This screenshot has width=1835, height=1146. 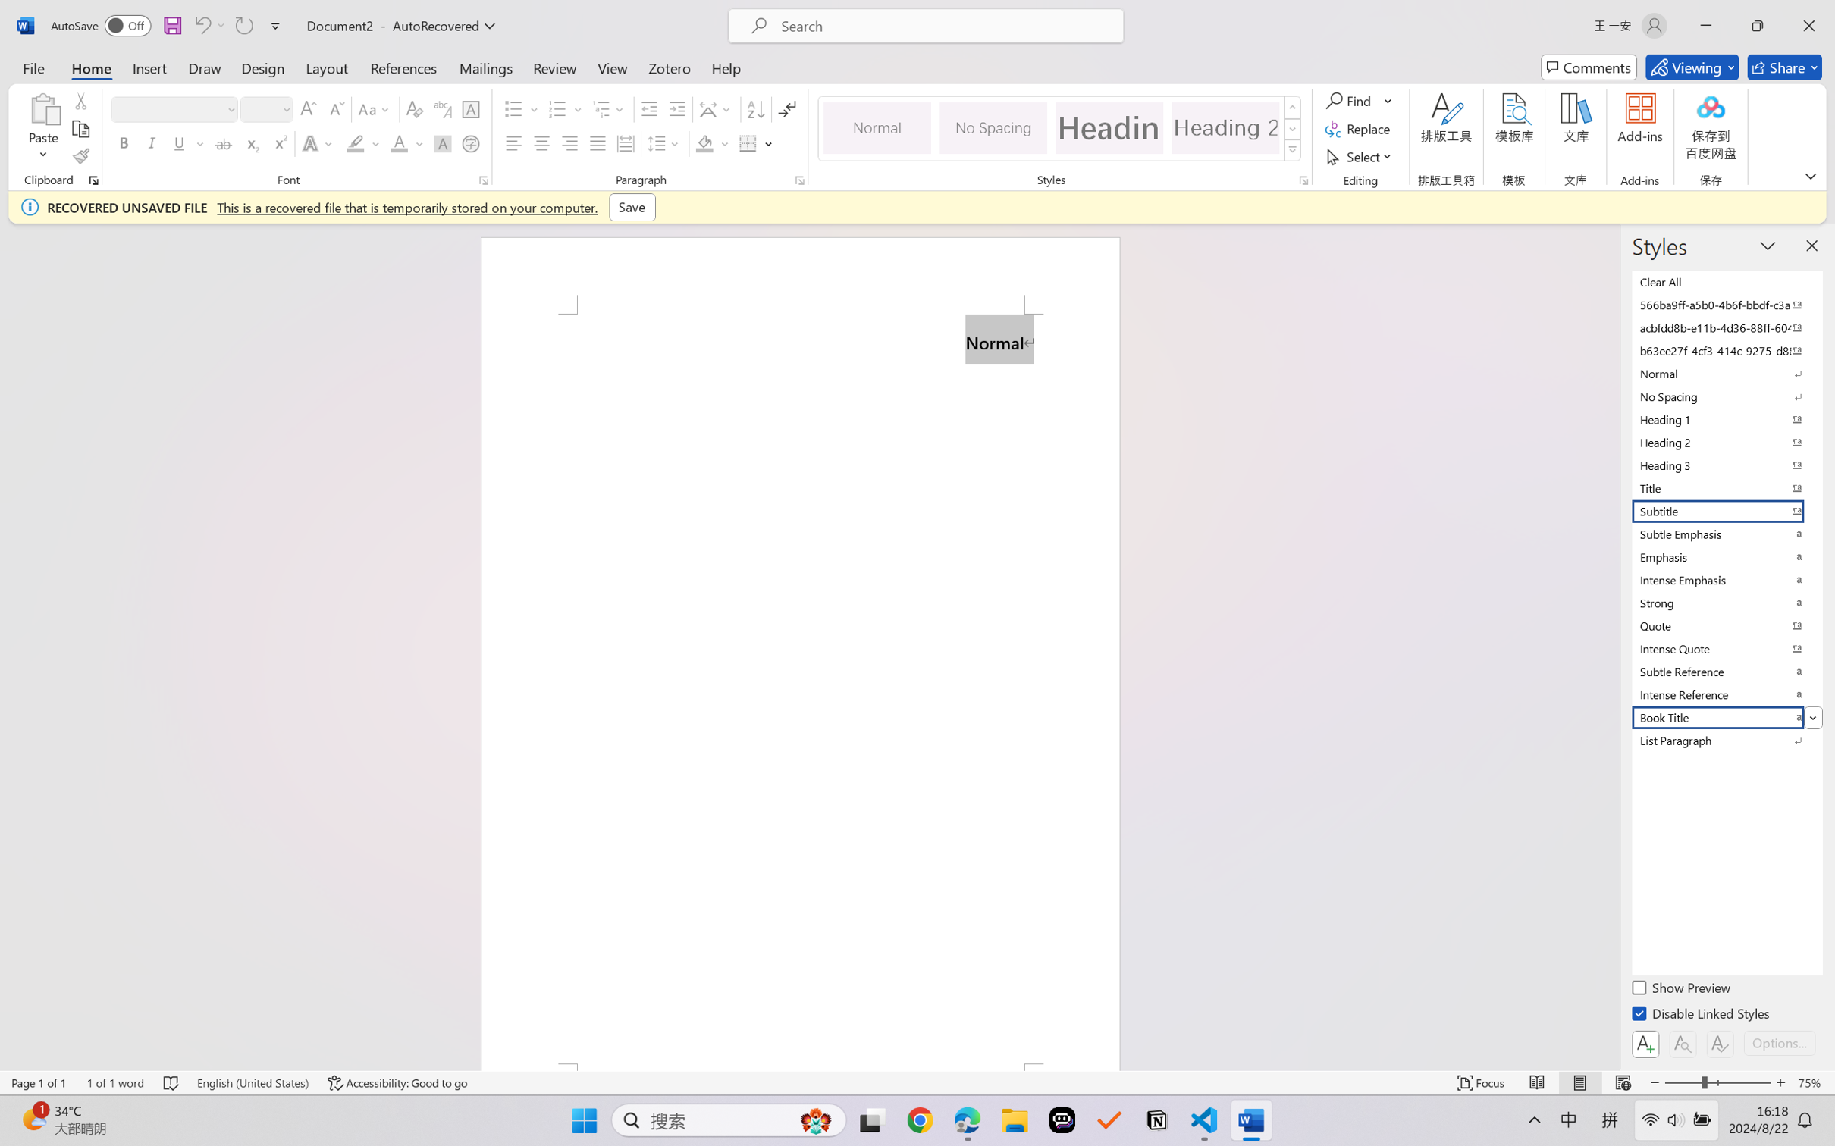 What do you see at coordinates (725, 67) in the screenshot?
I see `'Help'` at bounding box center [725, 67].